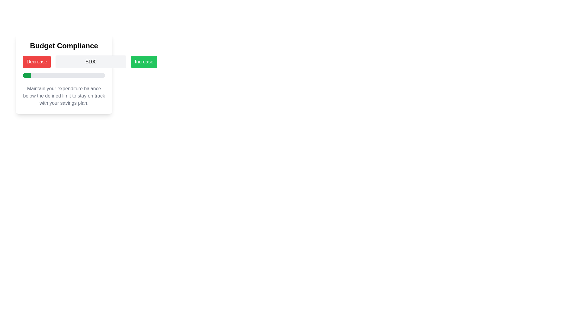  Describe the element at coordinates (91, 62) in the screenshot. I see `the read-only text input field displaying '$100'` at that location.